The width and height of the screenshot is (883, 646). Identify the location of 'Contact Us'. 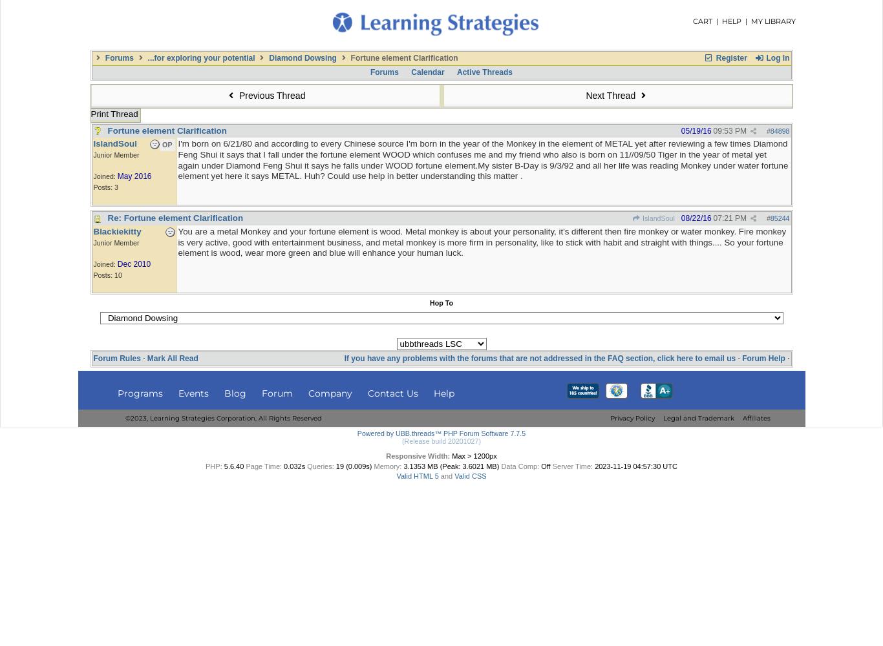
(367, 392).